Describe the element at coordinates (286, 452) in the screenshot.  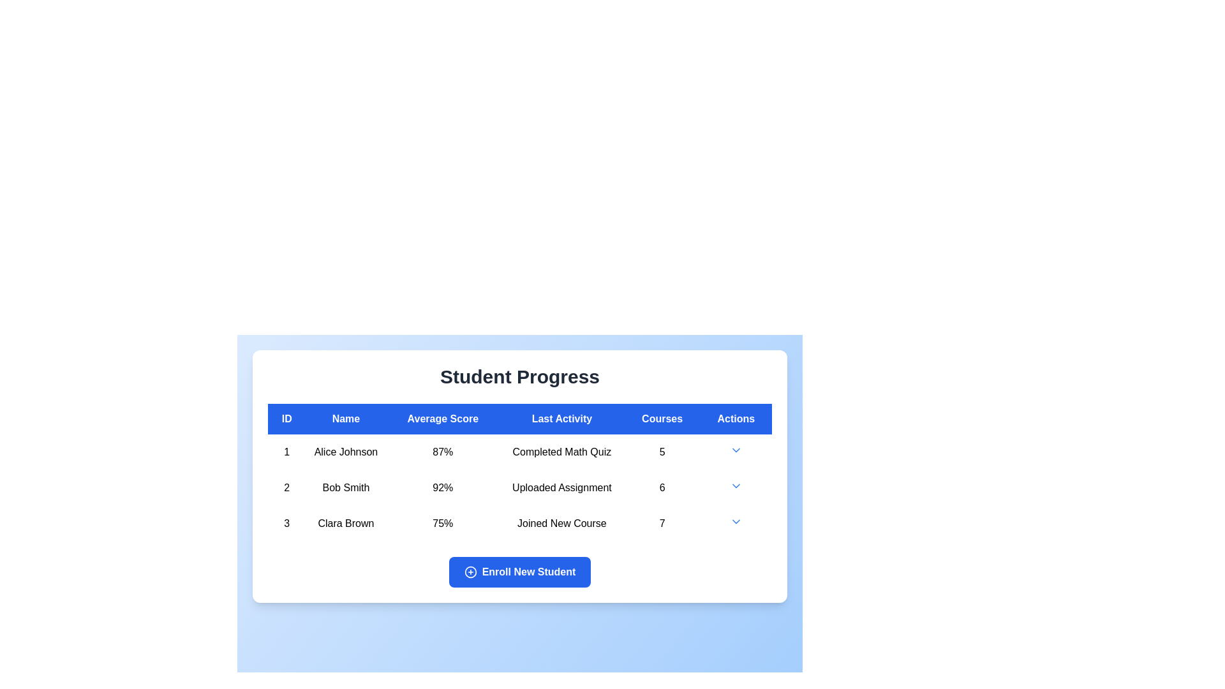
I see `the bold text element displaying the number '1' in the first column of the student information table under the 'ID' header` at that location.